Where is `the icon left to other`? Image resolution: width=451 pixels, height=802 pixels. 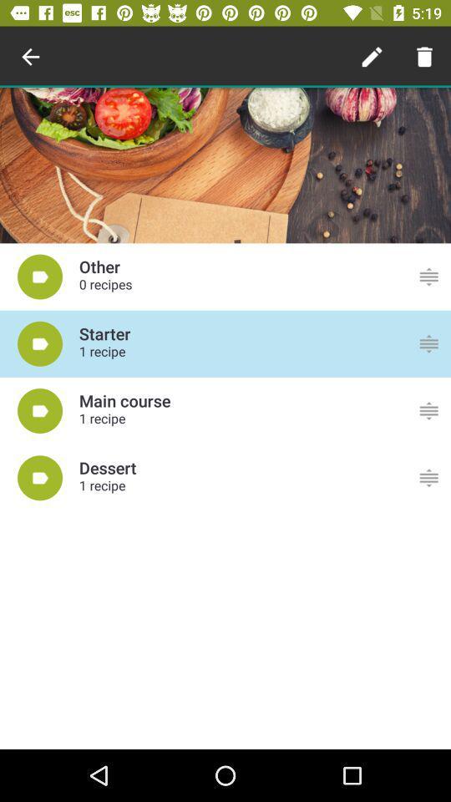 the icon left to other is located at coordinates (40, 277).